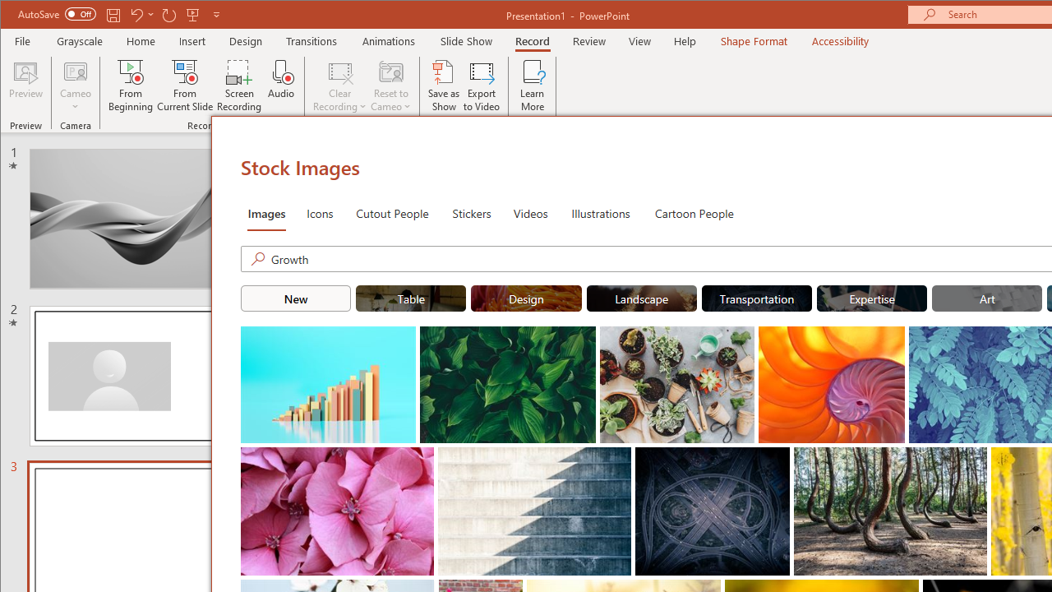 This screenshot has width=1052, height=592. What do you see at coordinates (871, 298) in the screenshot?
I see `'"Expertise" Stock Images.'` at bounding box center [871, 298].